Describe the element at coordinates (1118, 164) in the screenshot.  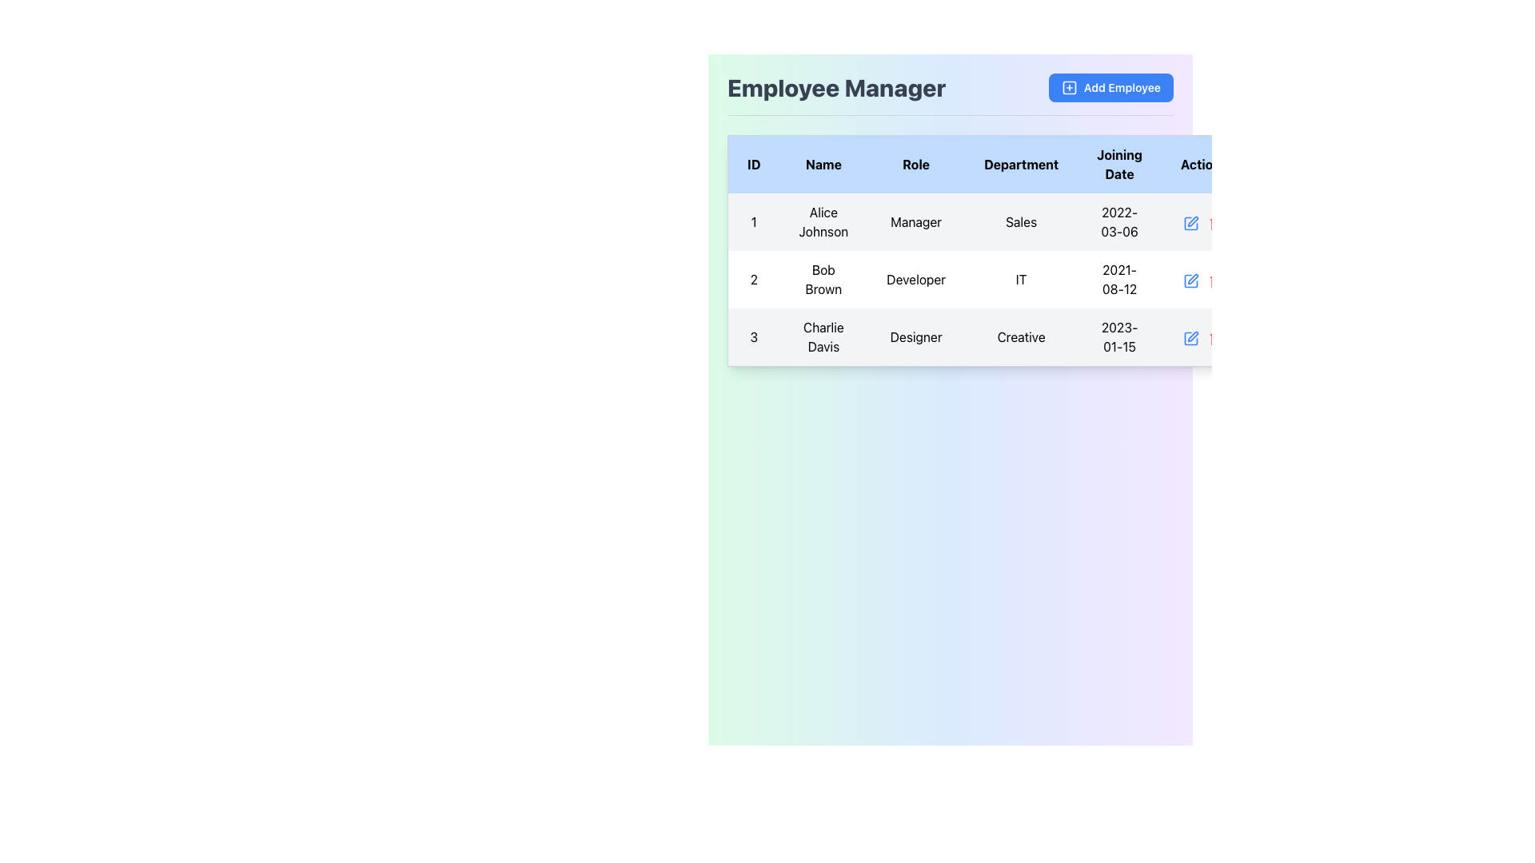
I see `the header cell that indicates the column for employees' joining dates in the table, which is the fifth header cell in the row` at that location.